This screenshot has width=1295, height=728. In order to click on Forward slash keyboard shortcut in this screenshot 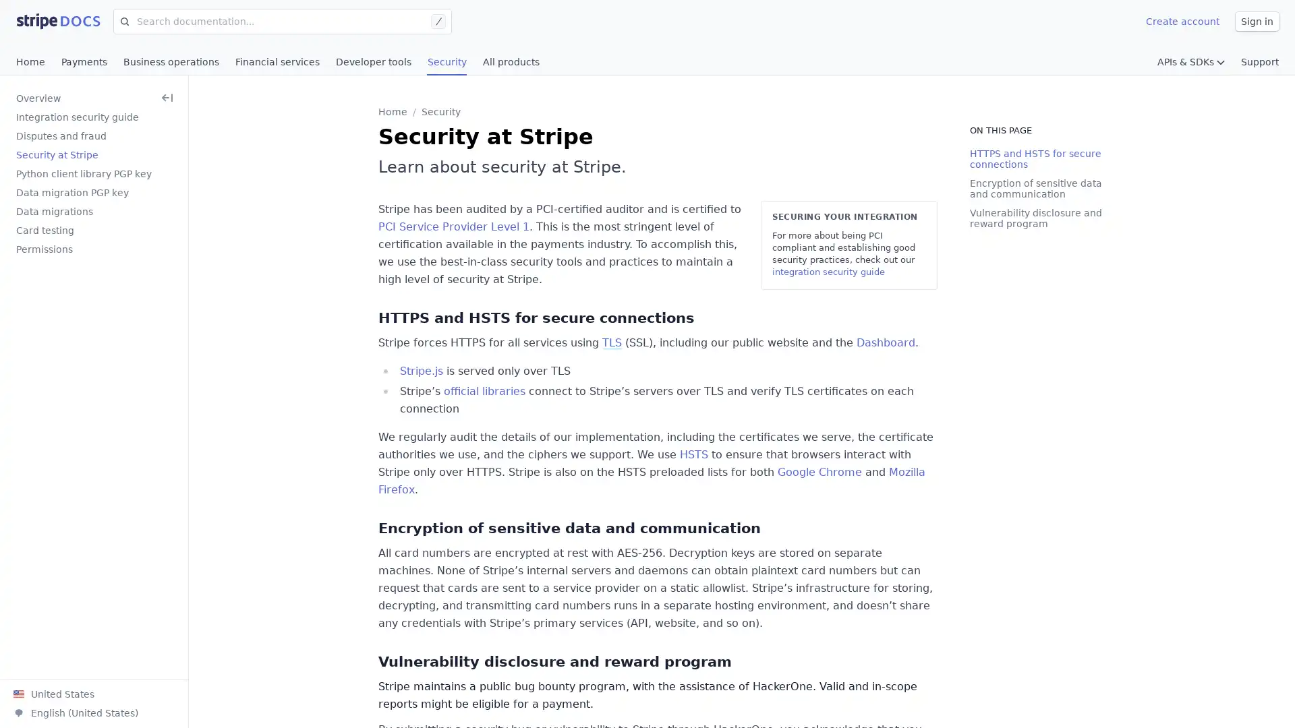, I will do `click(440, 21)`.